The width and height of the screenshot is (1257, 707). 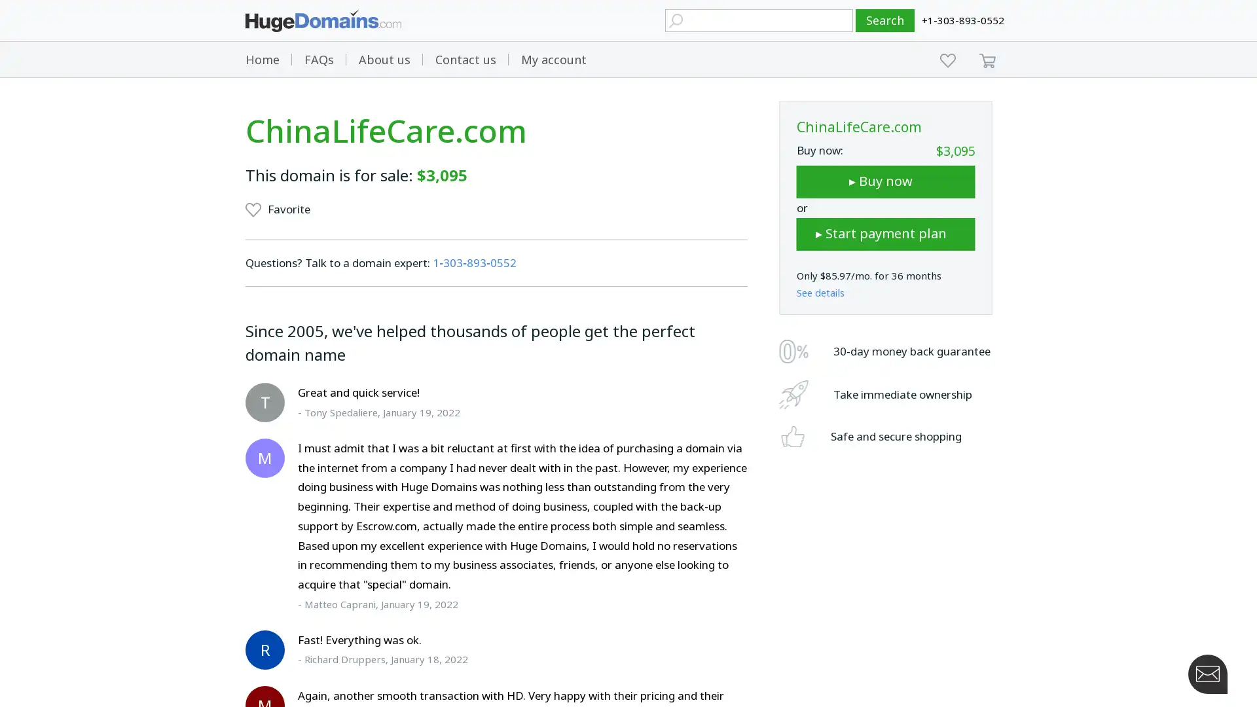 I want to click on Search, so click(x=885, y=20).